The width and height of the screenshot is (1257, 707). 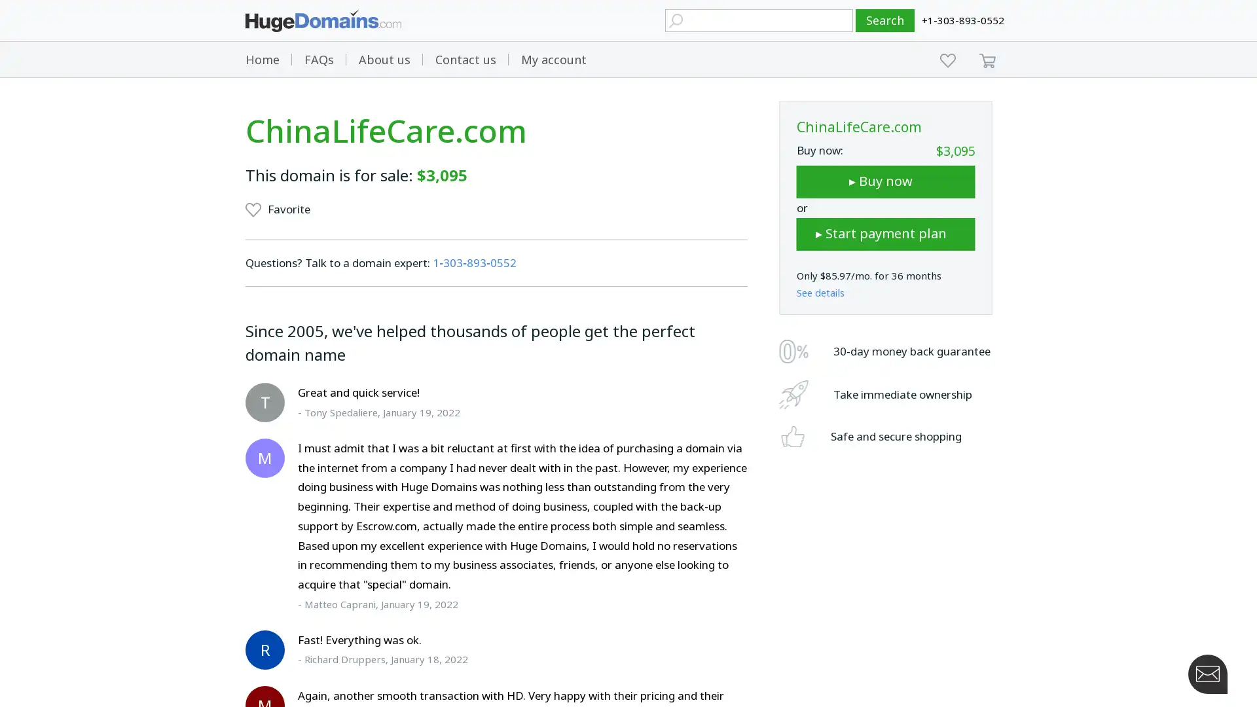 I want to click on Search, so click(x=885, y=20).